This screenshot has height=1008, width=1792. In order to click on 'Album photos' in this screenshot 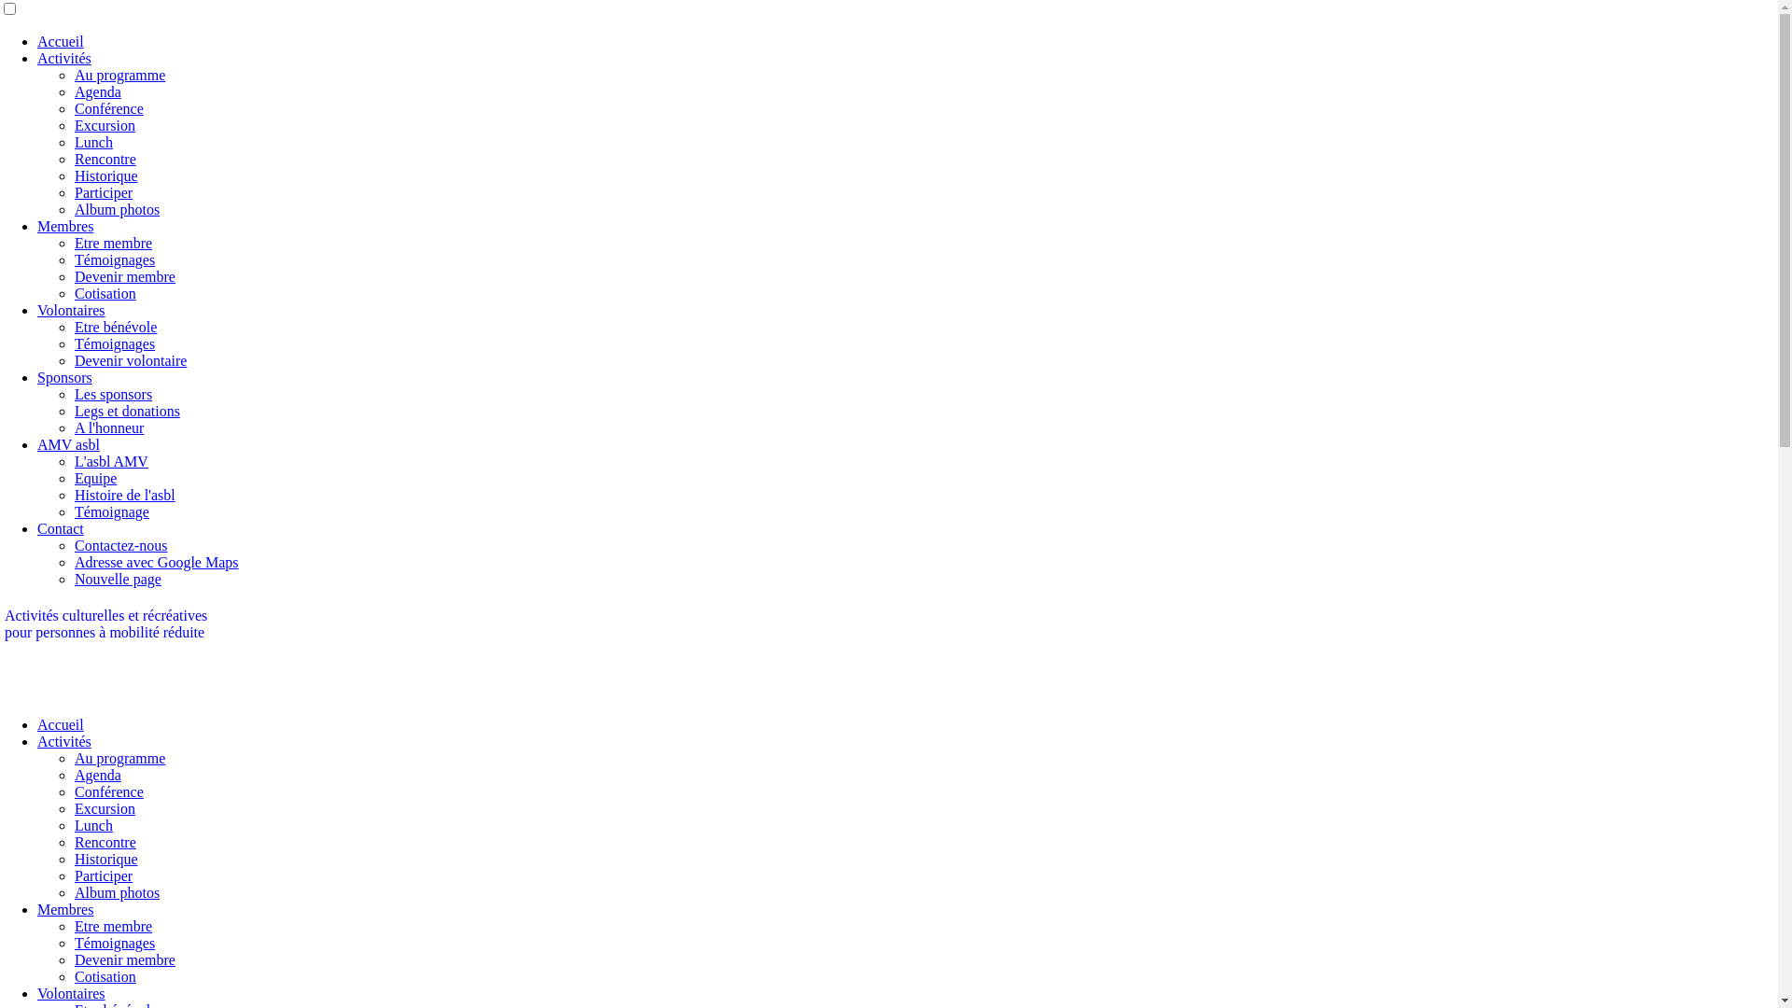, I will do `click(116, 891)`.